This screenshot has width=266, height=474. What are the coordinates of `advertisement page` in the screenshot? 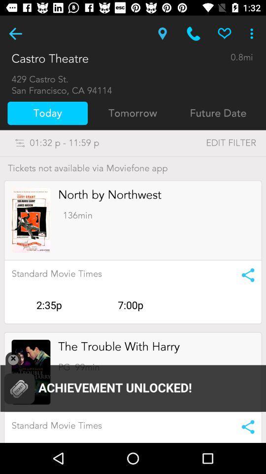 It's located at (31, 371).